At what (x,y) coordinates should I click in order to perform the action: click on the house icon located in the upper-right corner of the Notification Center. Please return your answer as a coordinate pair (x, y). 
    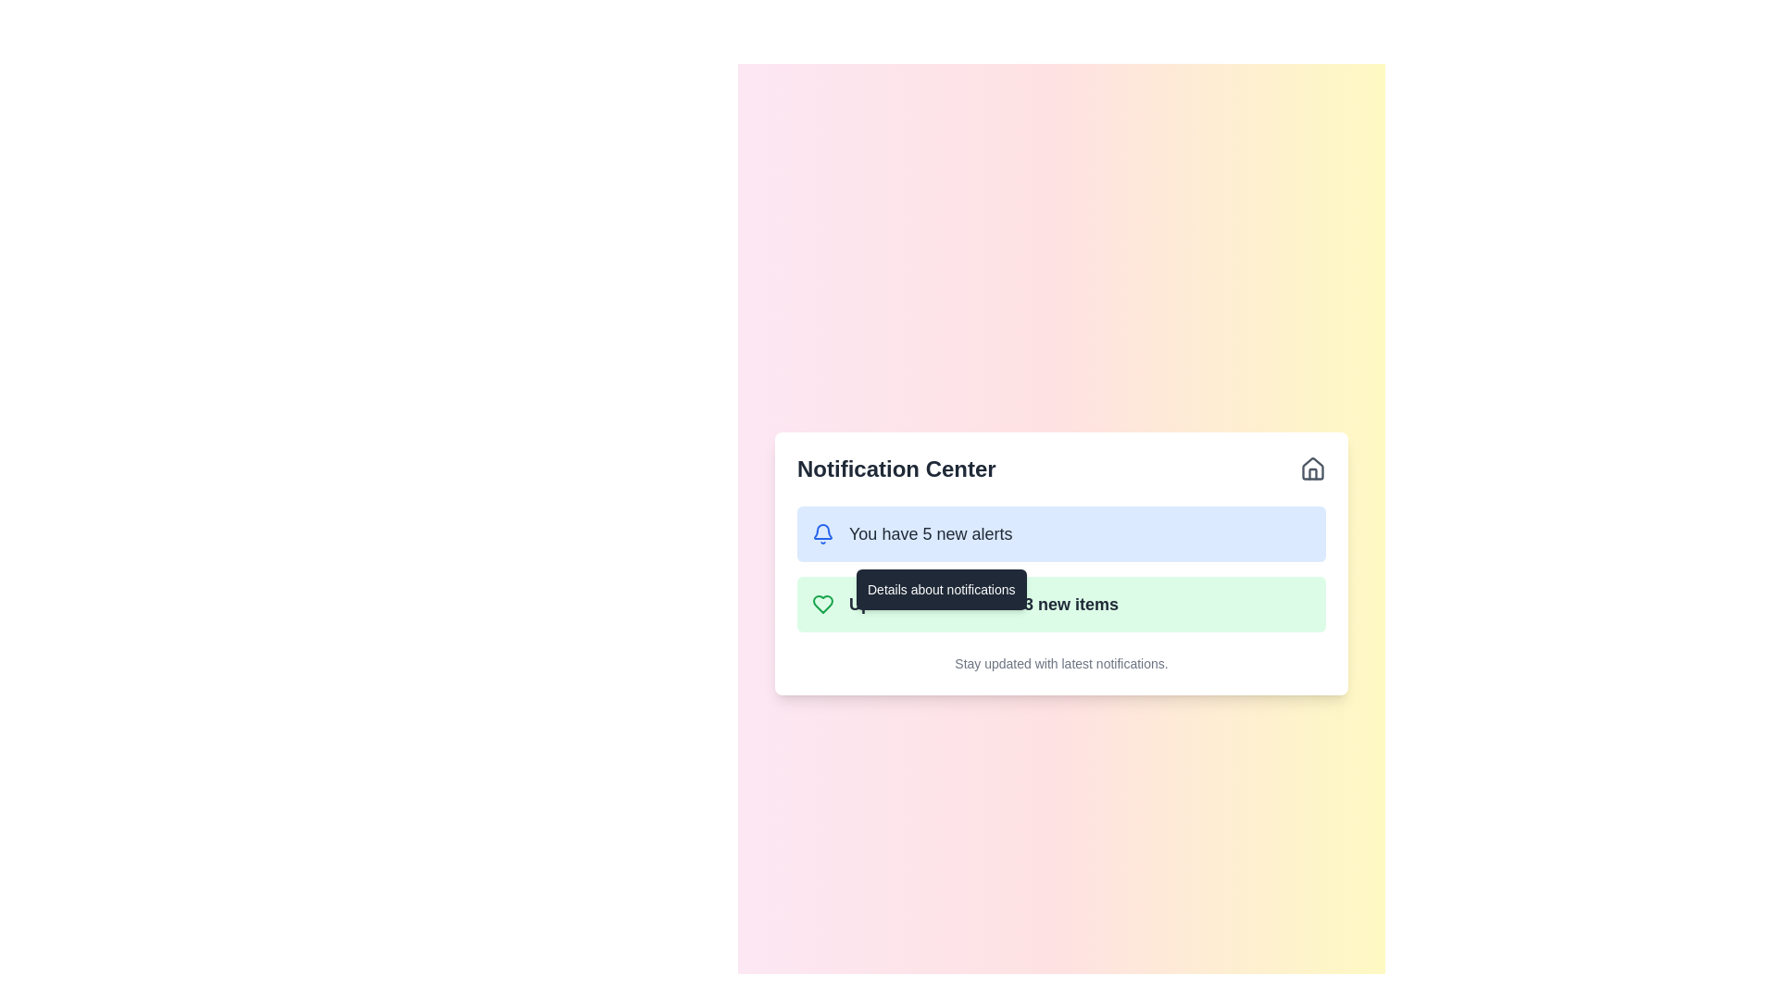
    Looking at the image, I should click on (1311, 473).